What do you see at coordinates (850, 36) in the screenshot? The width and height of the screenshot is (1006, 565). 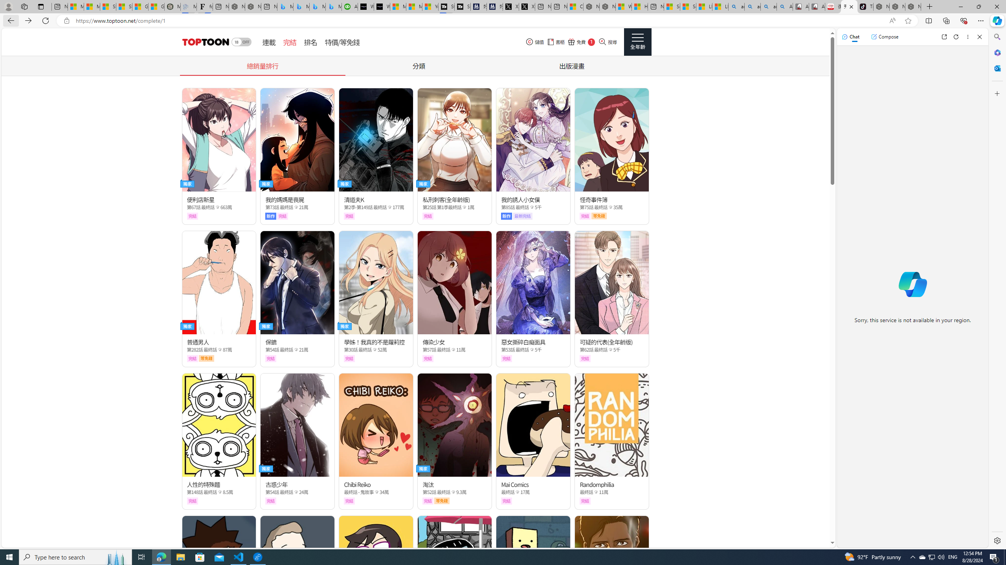 I see `'Chat'` at bounding box center [850, 36].